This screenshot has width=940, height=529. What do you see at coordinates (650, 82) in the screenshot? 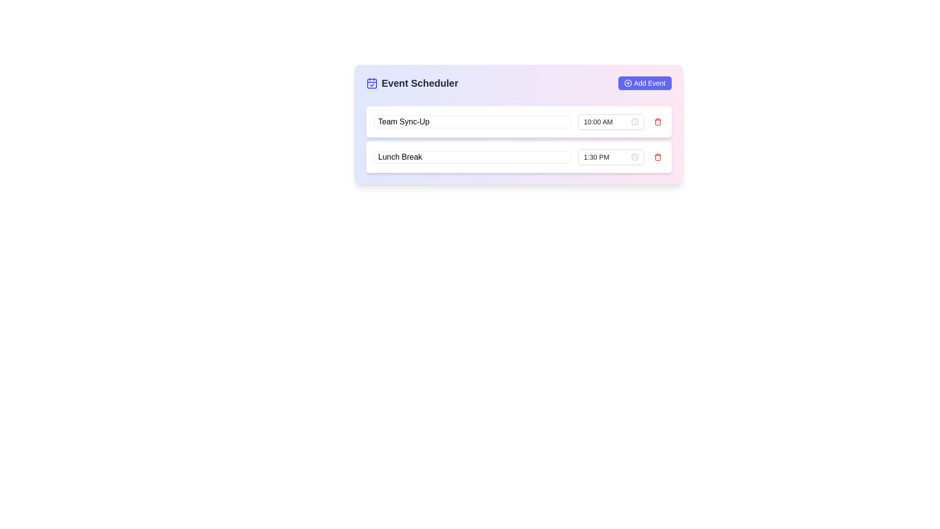
I see `text of the label located within the 'Add Event' button, which is positioned at the top-right corner of the interface` at bounding box center [650, 82].